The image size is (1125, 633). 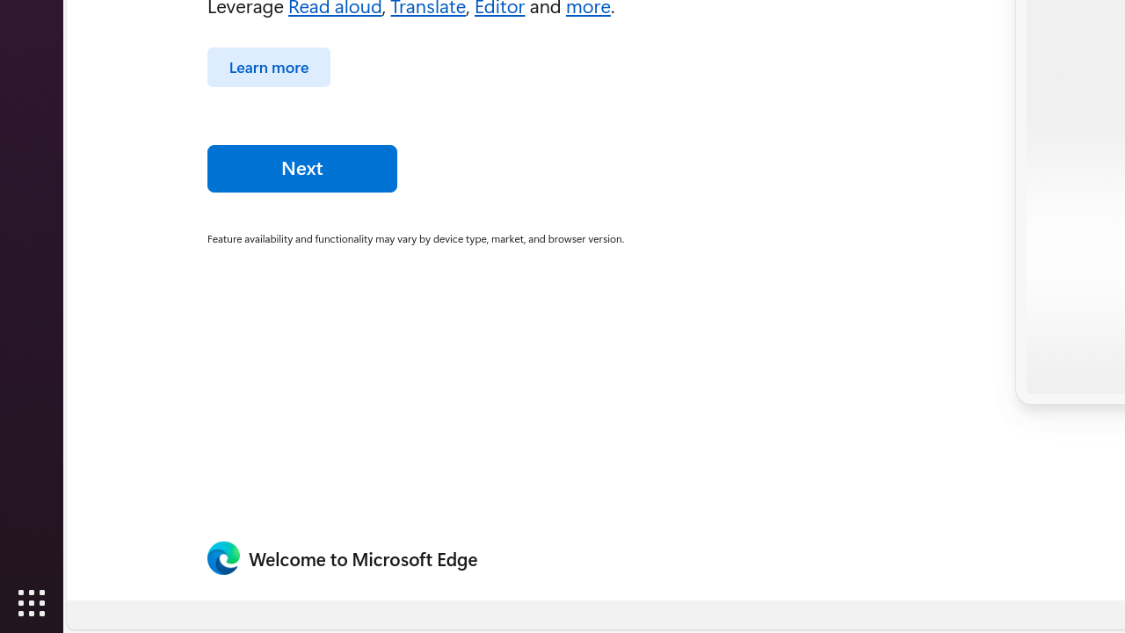 I want to click on 'Show Applications', so click(x=31, y=602).